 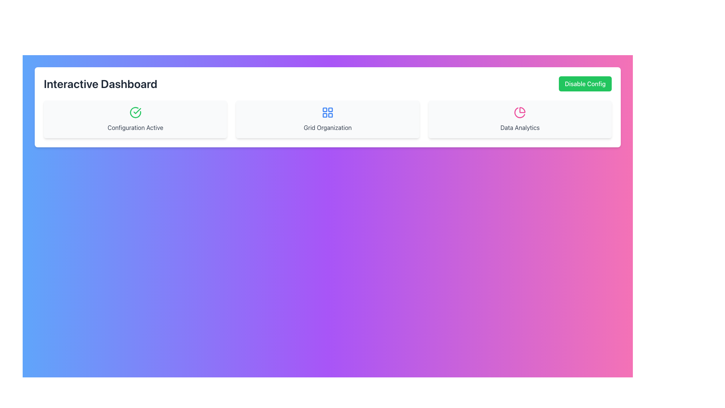 I want to click on the data analytics card which is the third card in a horizontally arranged group of three cards on the dashboard, so click(x=520, y=119).